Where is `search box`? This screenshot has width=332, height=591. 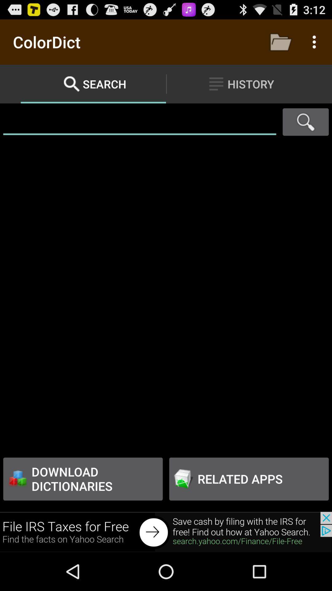 search box is located at coordinates (140, 122).